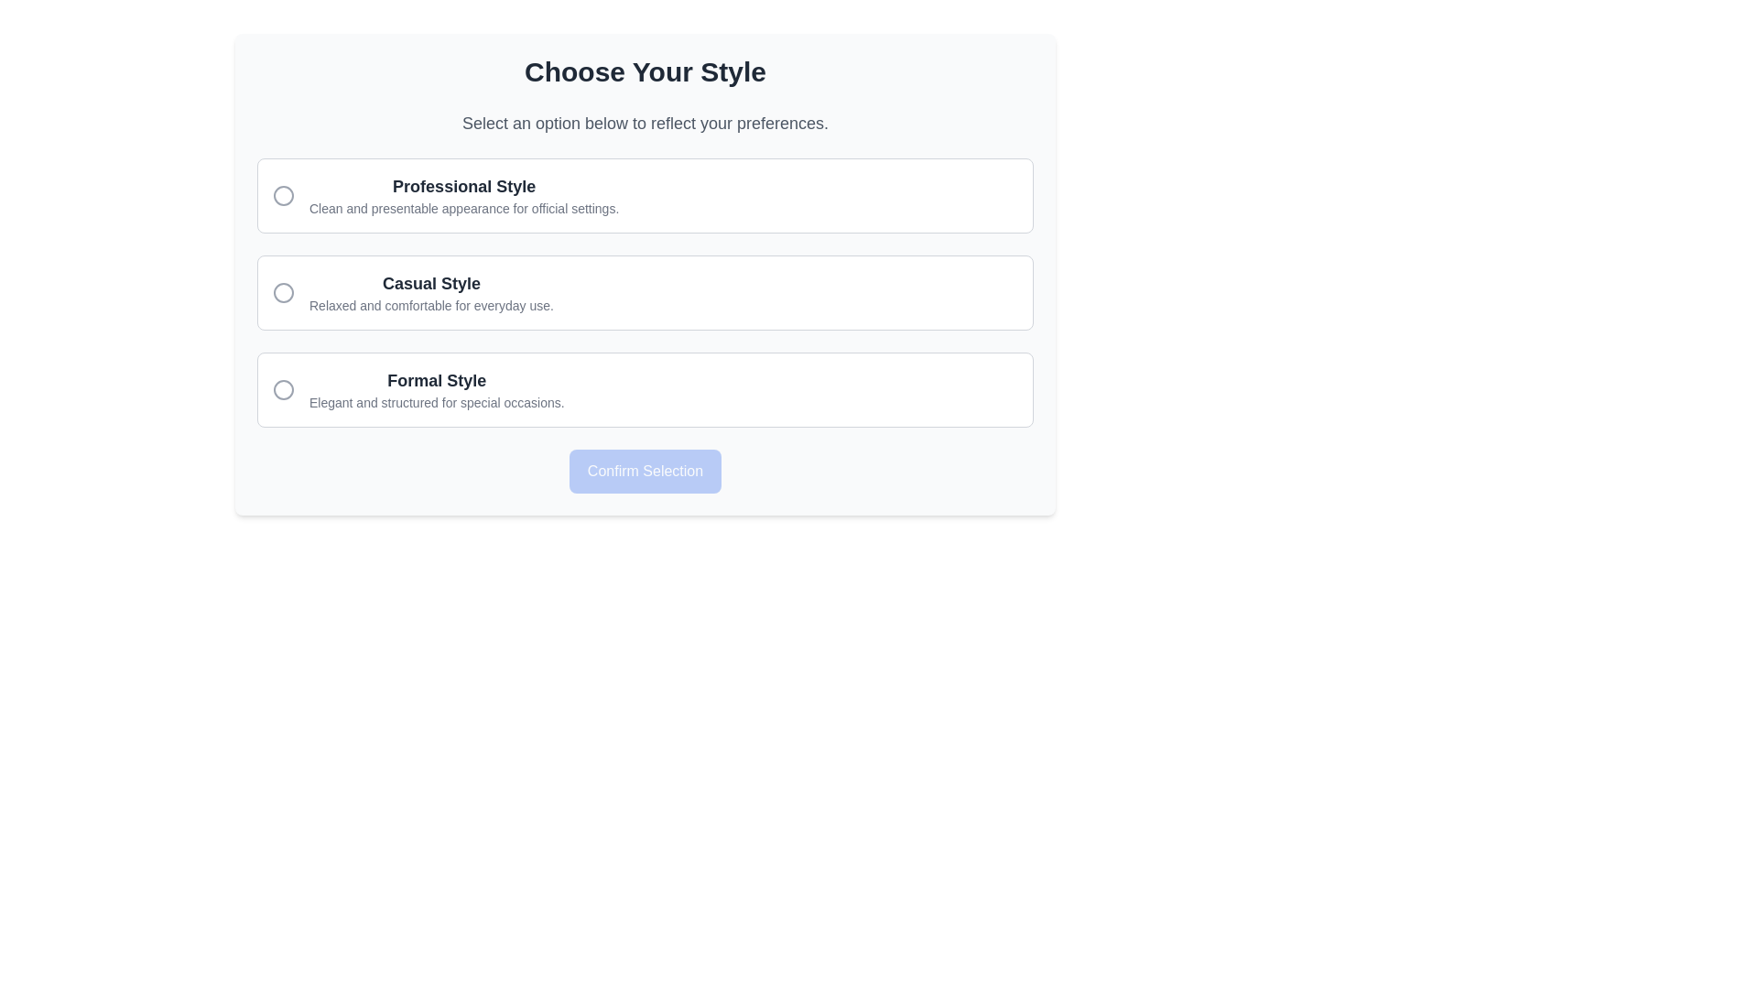 The image size is (1758, 989). Describe the element at coordinates (464, 207) in the screenshot. I see `text element displaying 'Clean and presentable appearance for official settings.' located below the bold title 'Professional Style'` at that location.